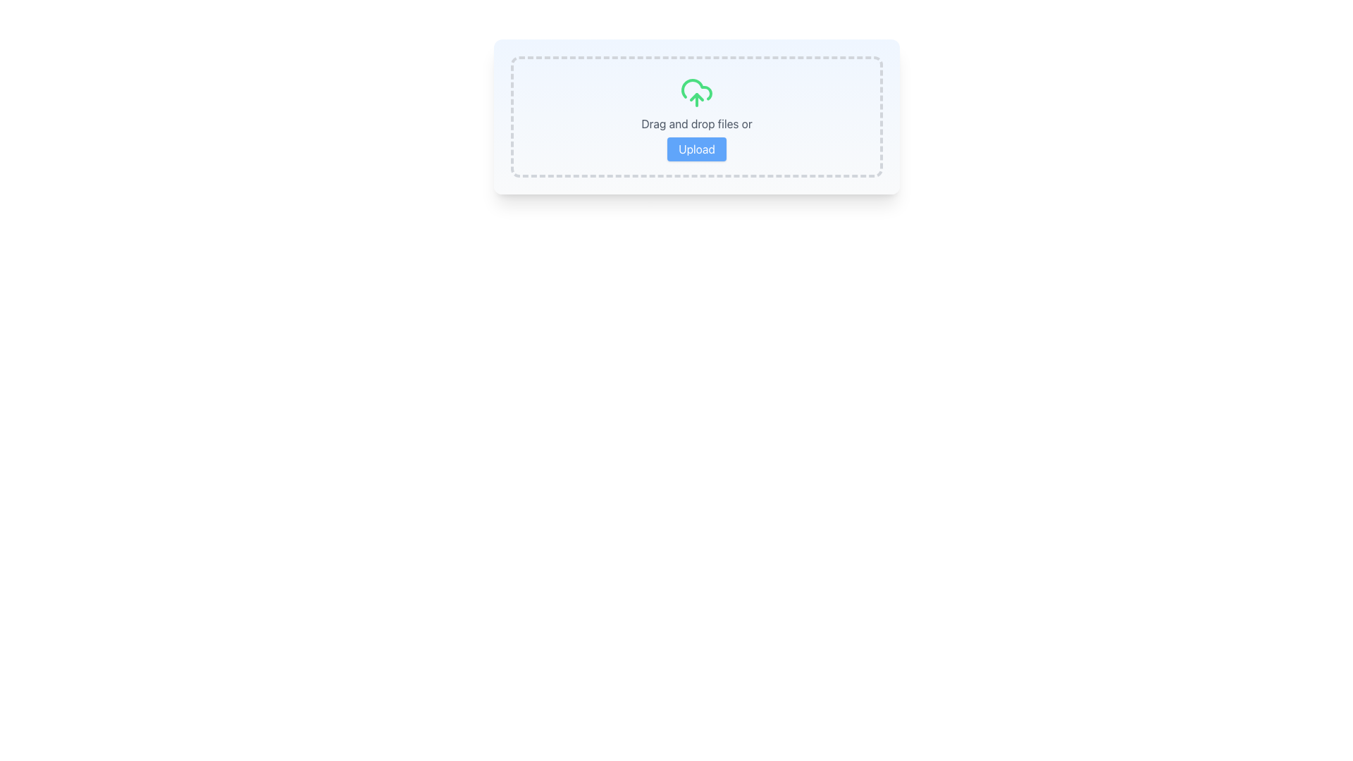 The height and width of the screenshot is (761, 1353). I want to click on the orange upward-pointing arrow icon that is part of the cloud upload graphic, which is centrally placed above the text 'Drag and drop files or' and the blue 'Upload' button, so click(696, 97).